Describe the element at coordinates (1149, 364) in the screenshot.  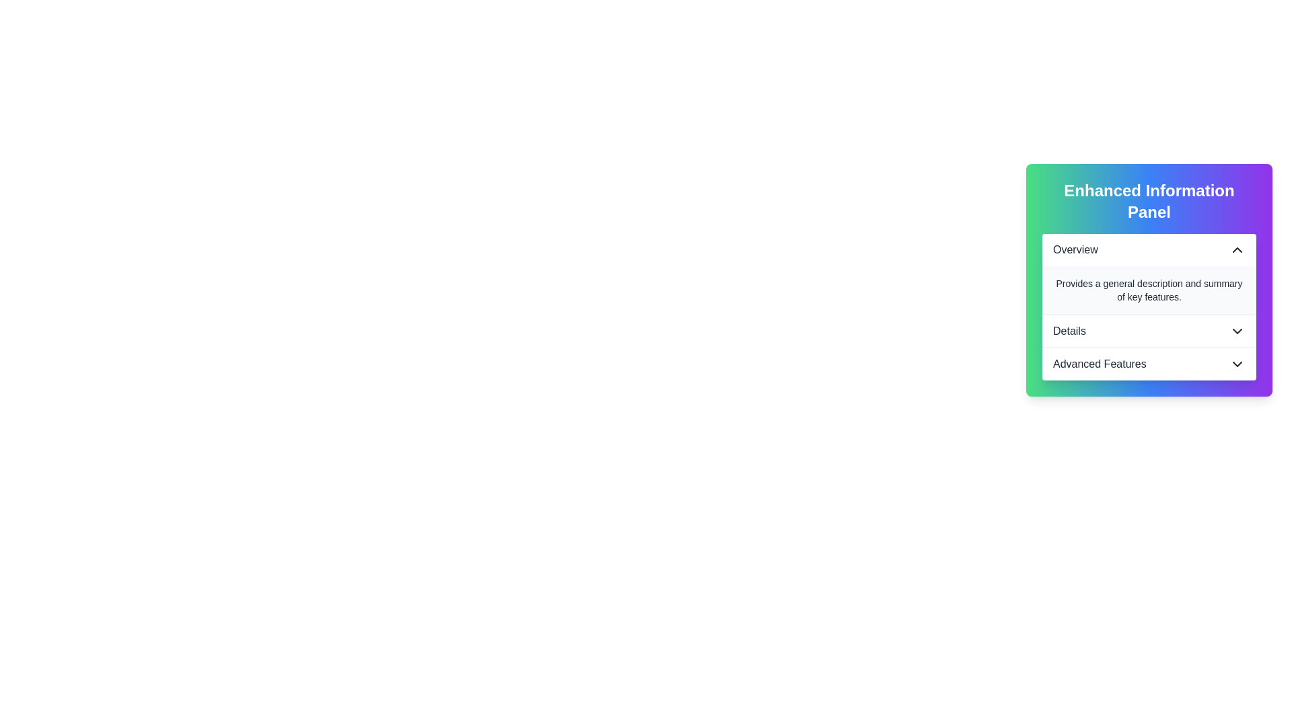
I see `the button in the 'Enhanced Information Panel' that expands a section or navigates to advanced features` at that location.